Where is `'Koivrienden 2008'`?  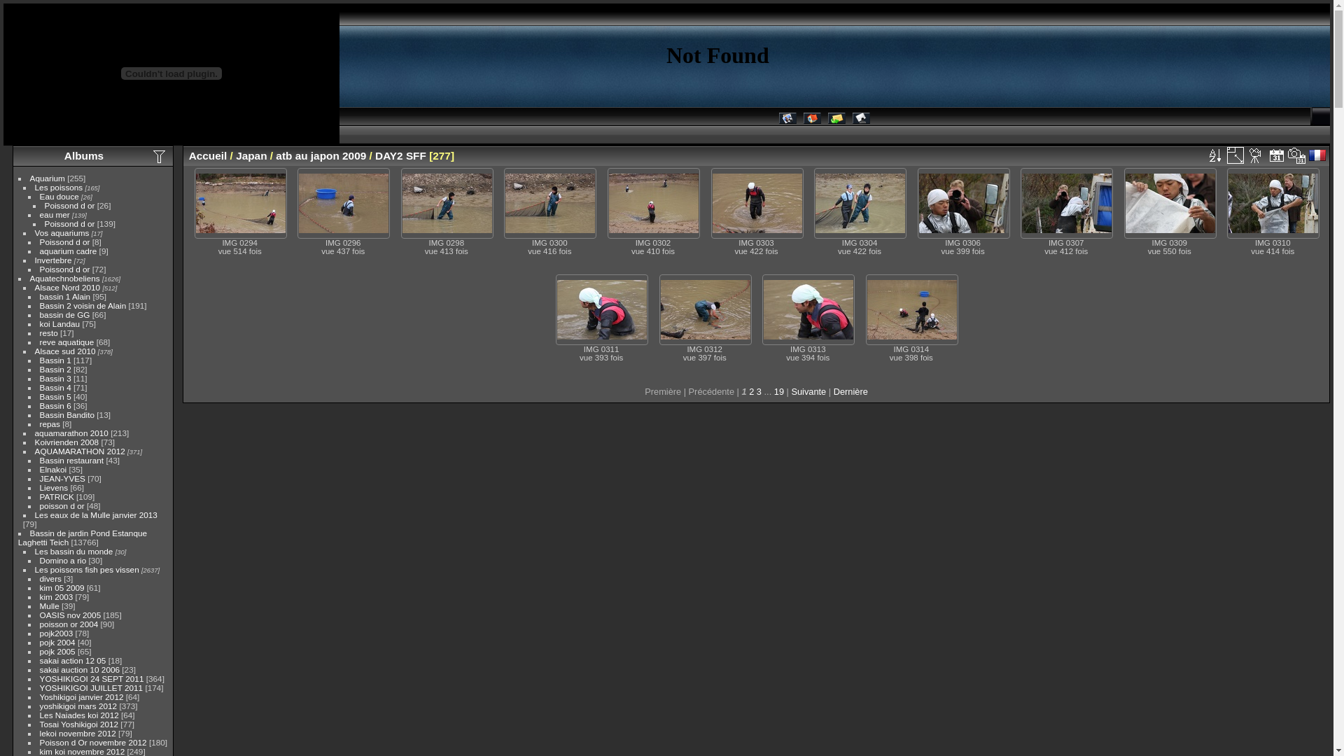 'Koivrienden 2008' is located at coordinates (34, 442).